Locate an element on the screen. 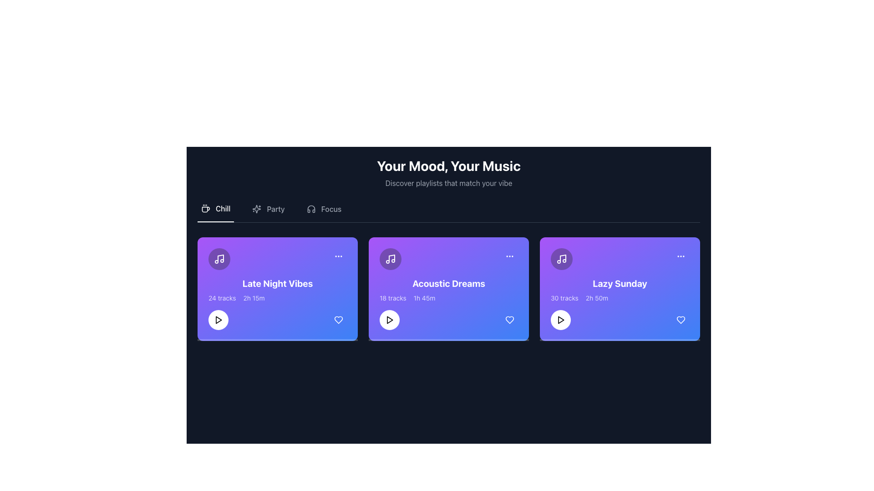  the play button located in the bottom-left section of the 'Late Night Vibes' card is located at coordinates (218, 320).